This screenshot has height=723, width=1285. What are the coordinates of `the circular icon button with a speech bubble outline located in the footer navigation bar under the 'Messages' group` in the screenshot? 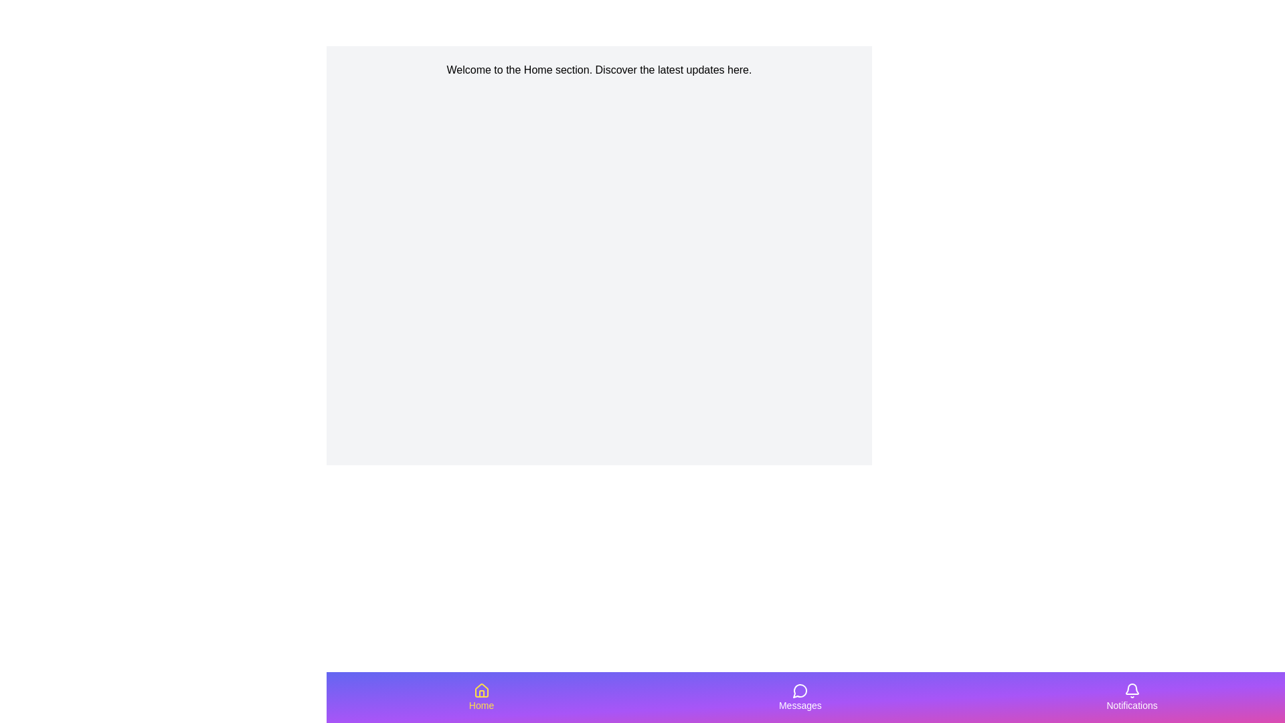 It's located at (800, 691).